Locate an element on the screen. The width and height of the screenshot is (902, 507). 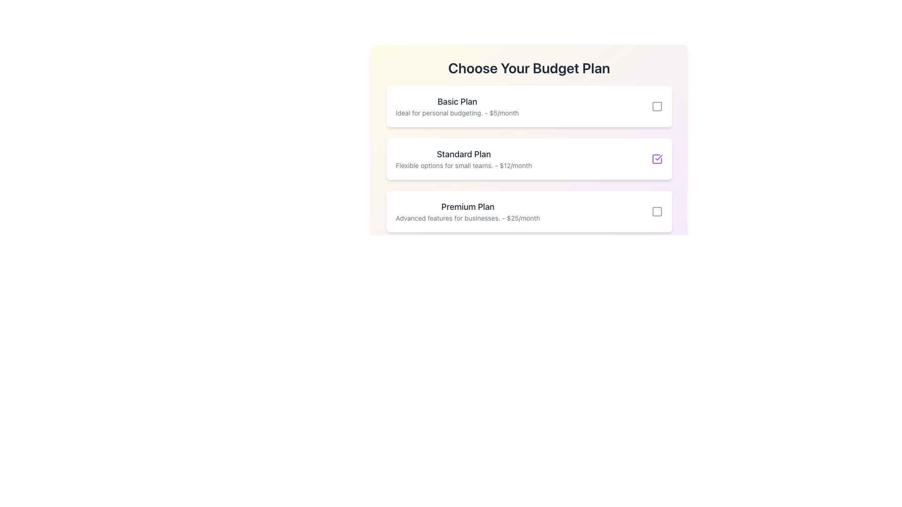
the 'Premium Plan' selectable option, which includes a checkbox and descriptive text about the plan's features and pricing is located at coordinates (529, 212).